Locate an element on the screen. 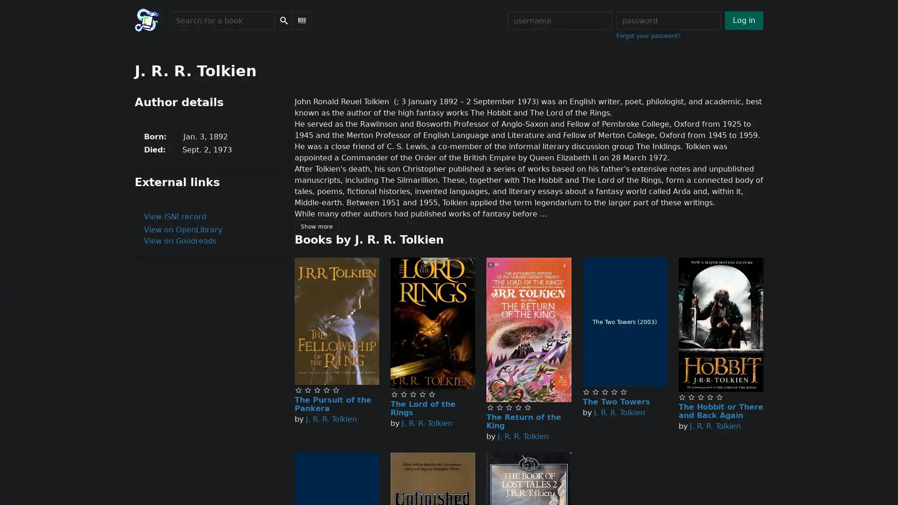 The width and height of the screenshot is (898, 505). Log in is located at coordinates (743, 20).